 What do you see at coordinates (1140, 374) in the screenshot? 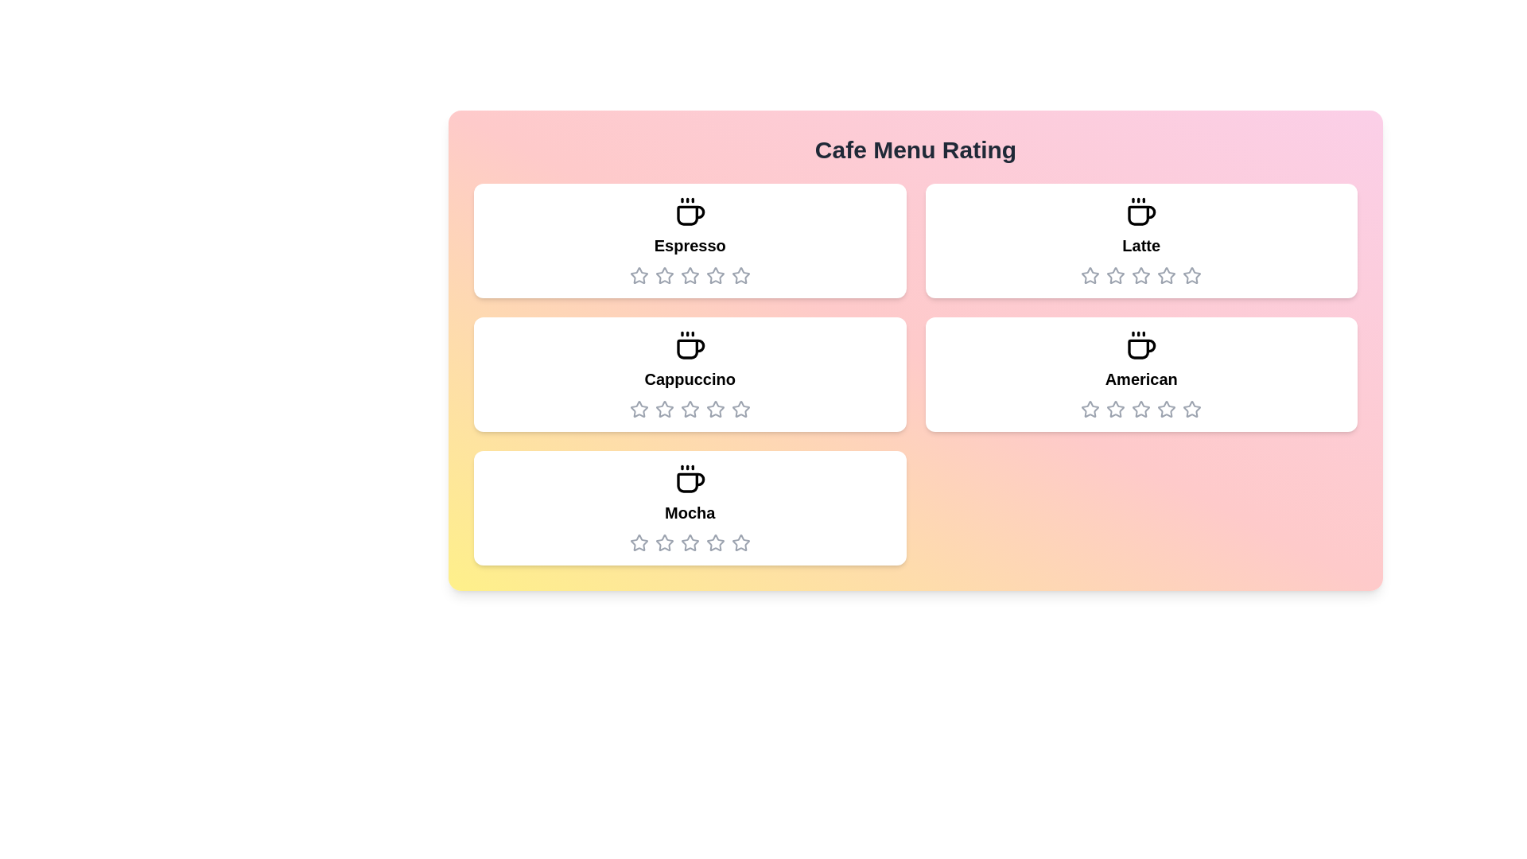
I see `the menu item American to navigate to its details` at bounding box center [1140, 374].